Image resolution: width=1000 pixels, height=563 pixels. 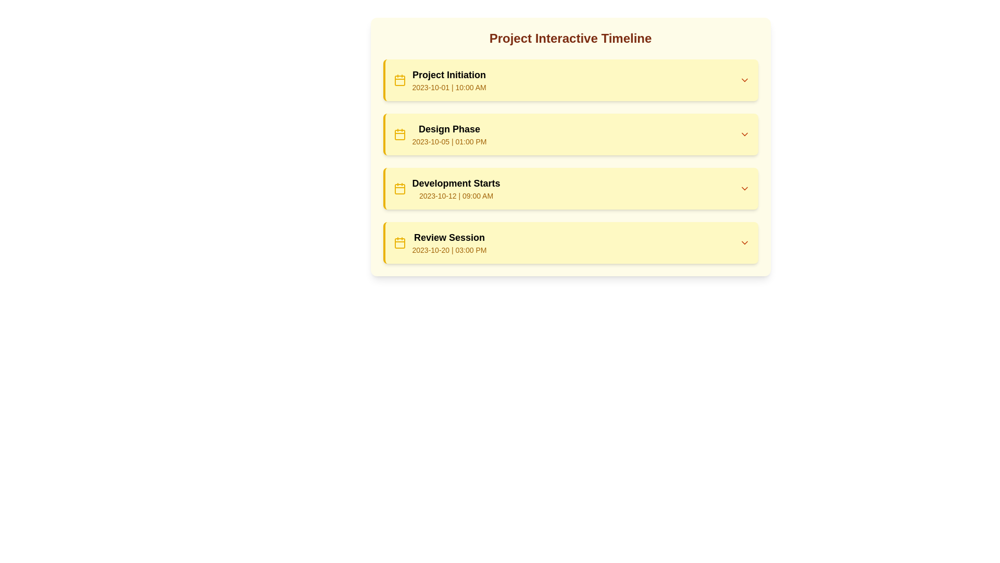 I want to click on the Dropdown toggle icon located in the topmost header of the 'Project Interactive Timeline' section, positioned to the far-right, aligned with 'Project Initiation', so click(x=744, y=80).